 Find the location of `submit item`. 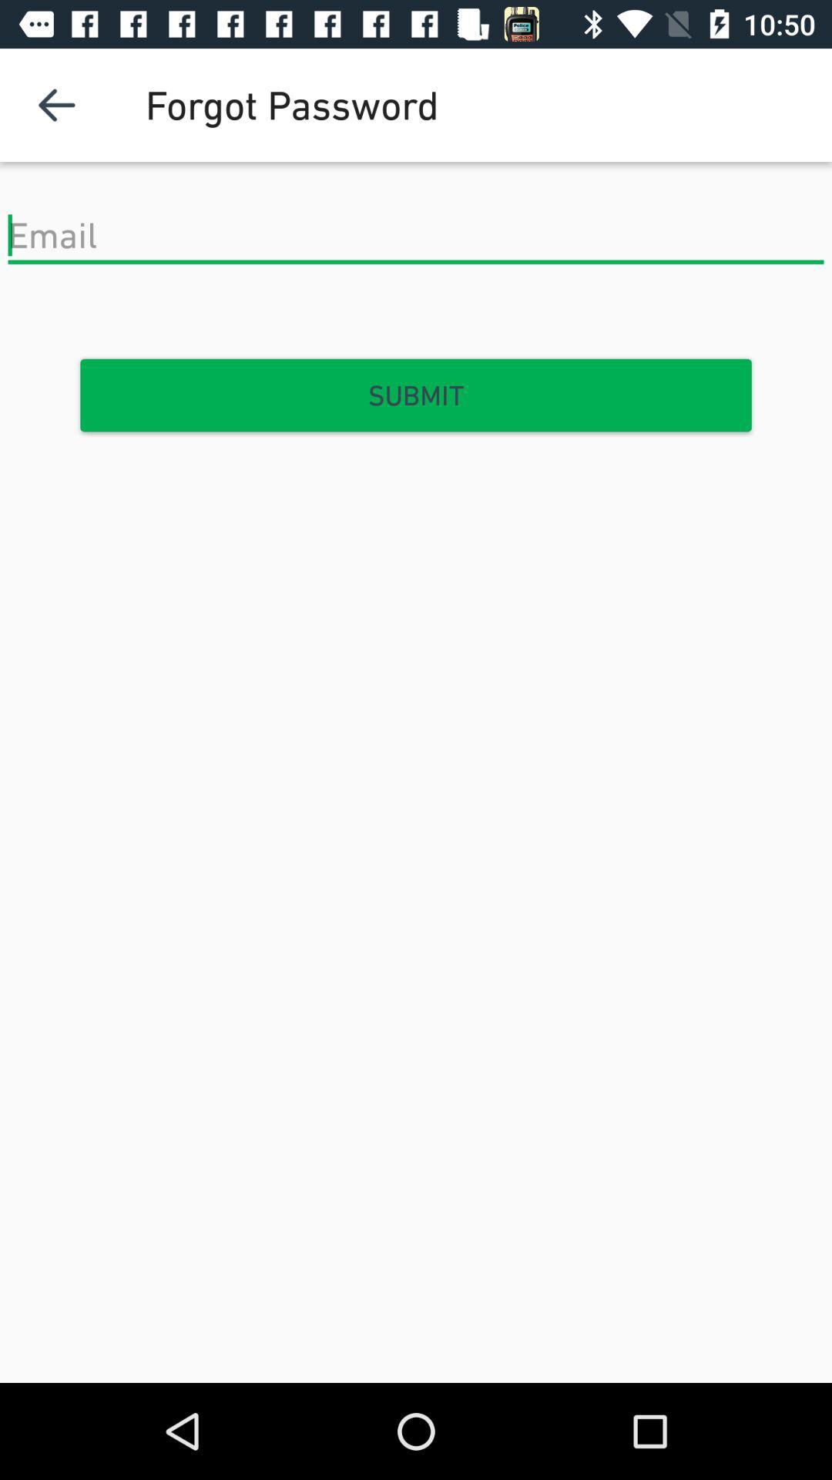

submit item is located at coordinates (416, 395).